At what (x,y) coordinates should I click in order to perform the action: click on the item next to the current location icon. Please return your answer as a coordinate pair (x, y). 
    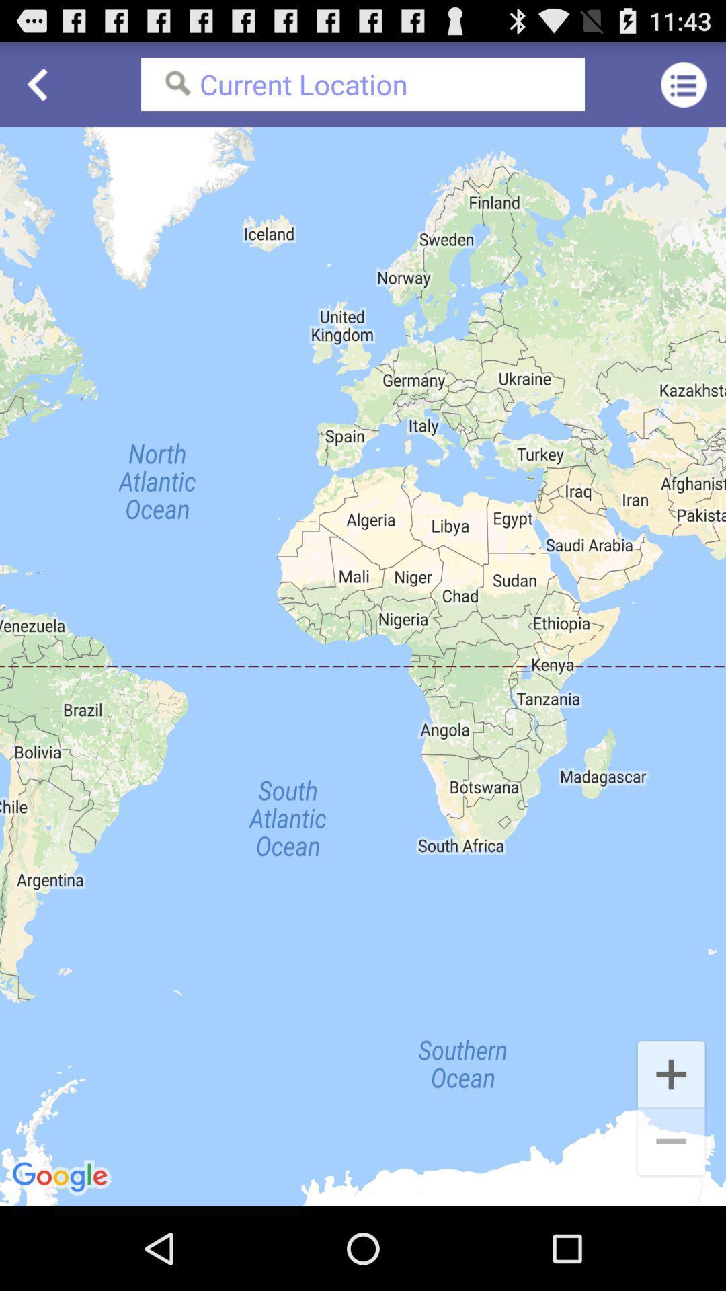
    Looking at the image, I should click on (684, 83).